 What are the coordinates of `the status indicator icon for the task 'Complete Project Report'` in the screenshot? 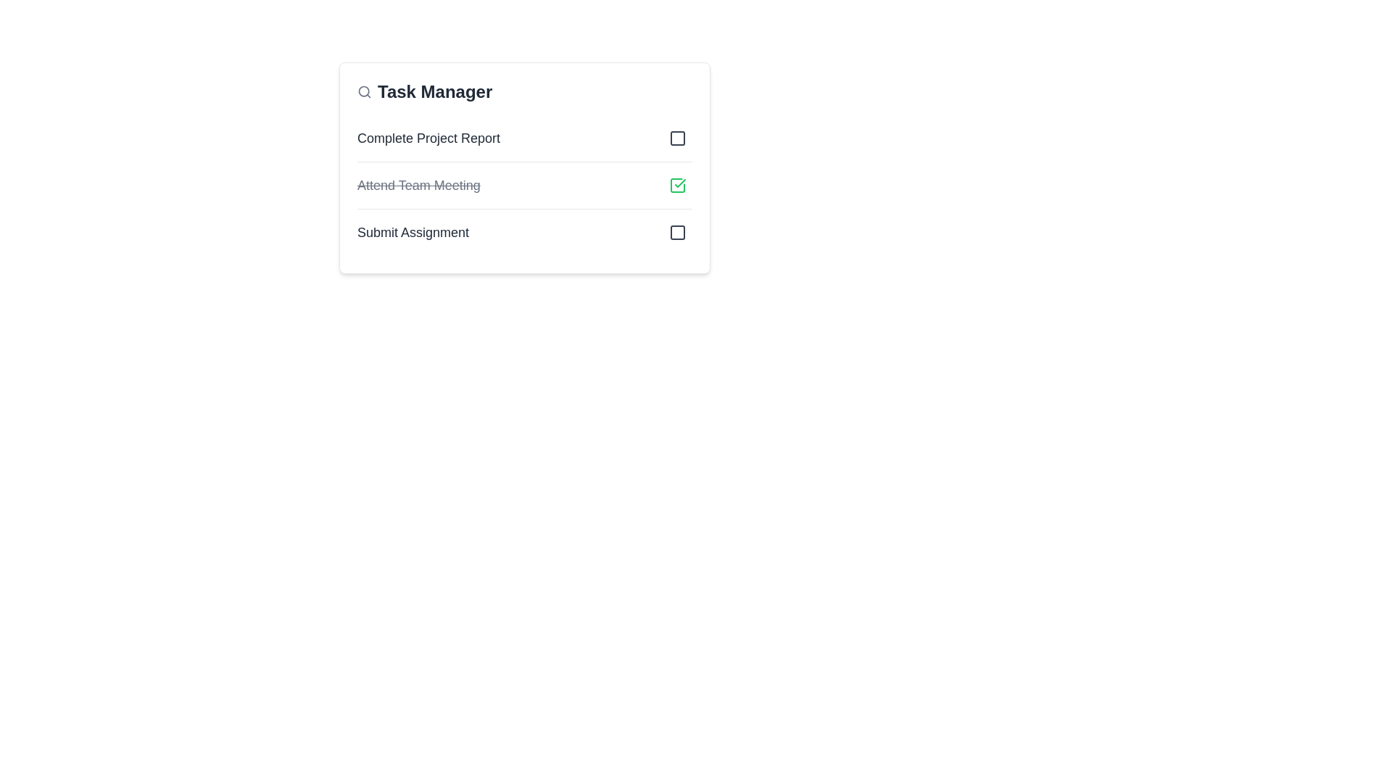 It's located at (677, 138).